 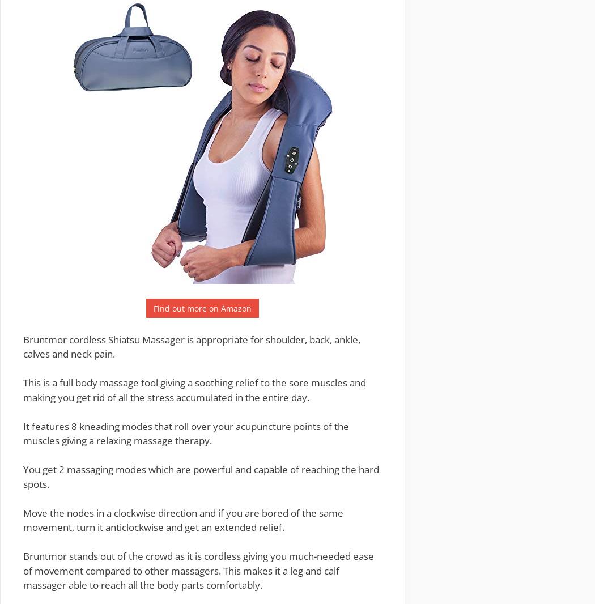 I want to click on 'Bruntmor stands out of the crowd as it is cordless giving you much-needed ease of movement compared to other massagers. This makes it a leg and calf massager able to reach all the body parts comfortably.', so click(x=198, y=571).